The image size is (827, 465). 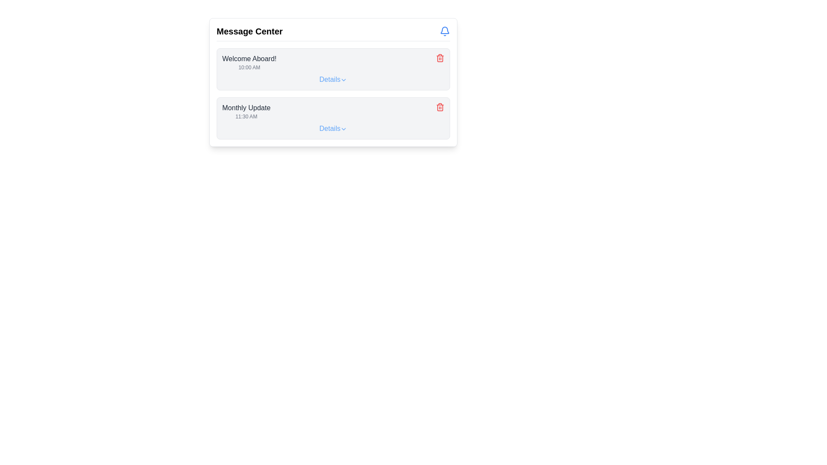 I want to click on the red trash bin icon delete button located at the far-right of the 'Monthly Update' message section, so click(x=440, y=107).